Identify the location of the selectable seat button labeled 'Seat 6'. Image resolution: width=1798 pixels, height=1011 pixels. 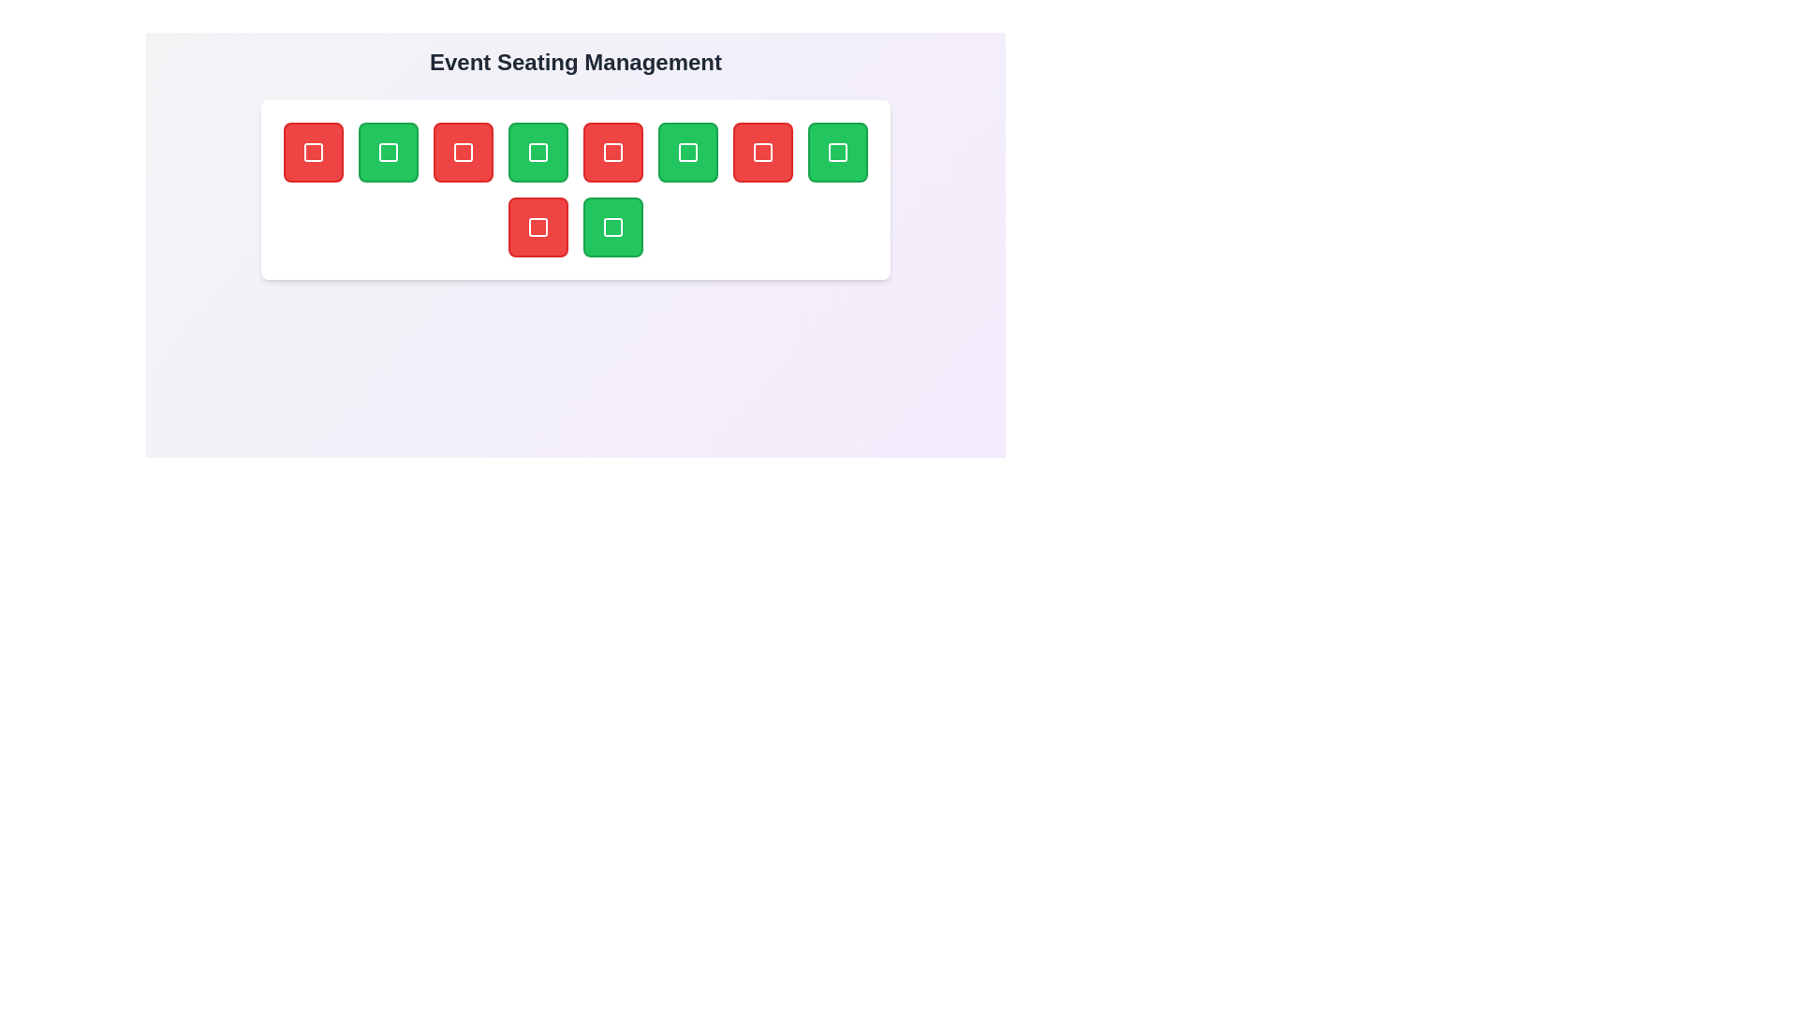
(686, 151).